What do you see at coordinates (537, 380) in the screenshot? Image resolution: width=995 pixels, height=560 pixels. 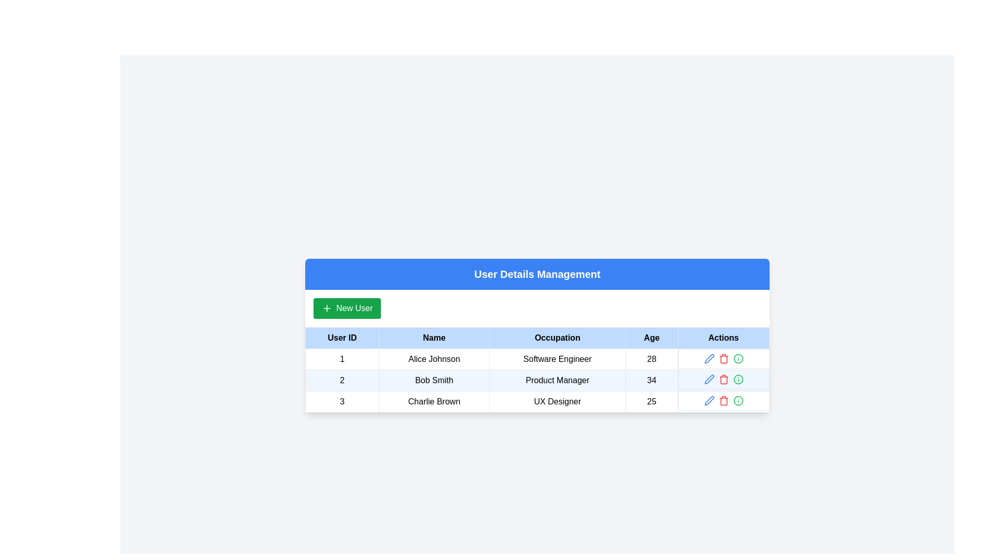 I see `the second row of the user information table` at bounding box center [537, 380].